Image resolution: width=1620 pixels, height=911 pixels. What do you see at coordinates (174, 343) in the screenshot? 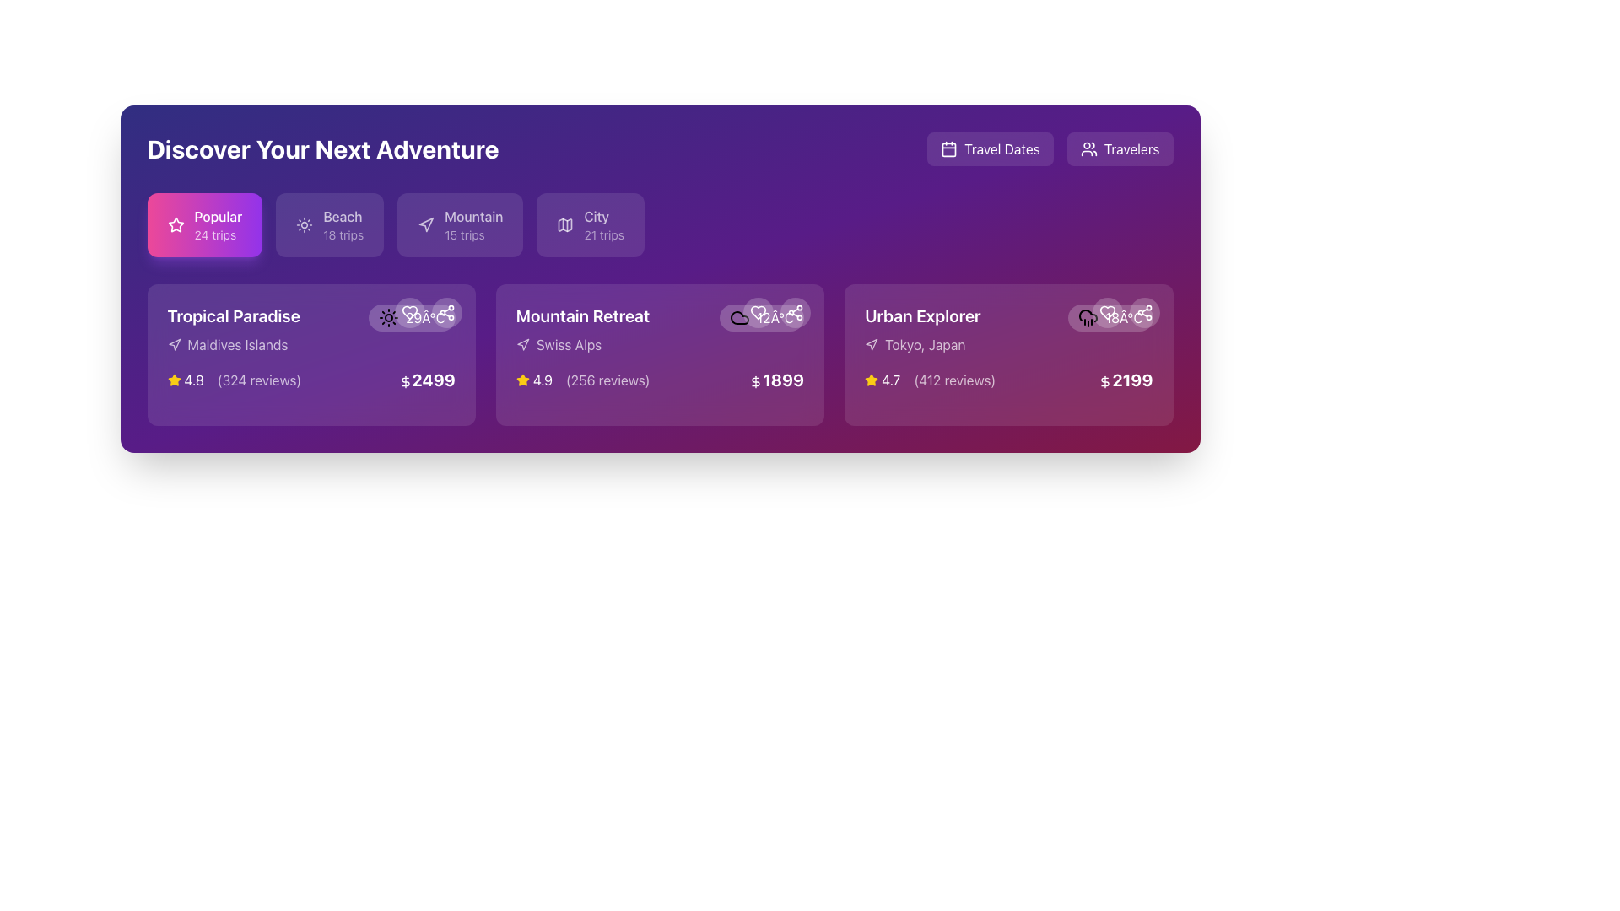
I see `the decorative icon that represents navigation or location, located to the immediate left of the 'Maldives Islands' text in the 'Tropical Paradise' section` at bounding box center [174, 343].